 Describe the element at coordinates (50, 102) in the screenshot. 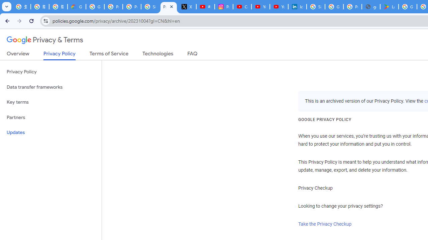

I see `'Key terms'` at that location.